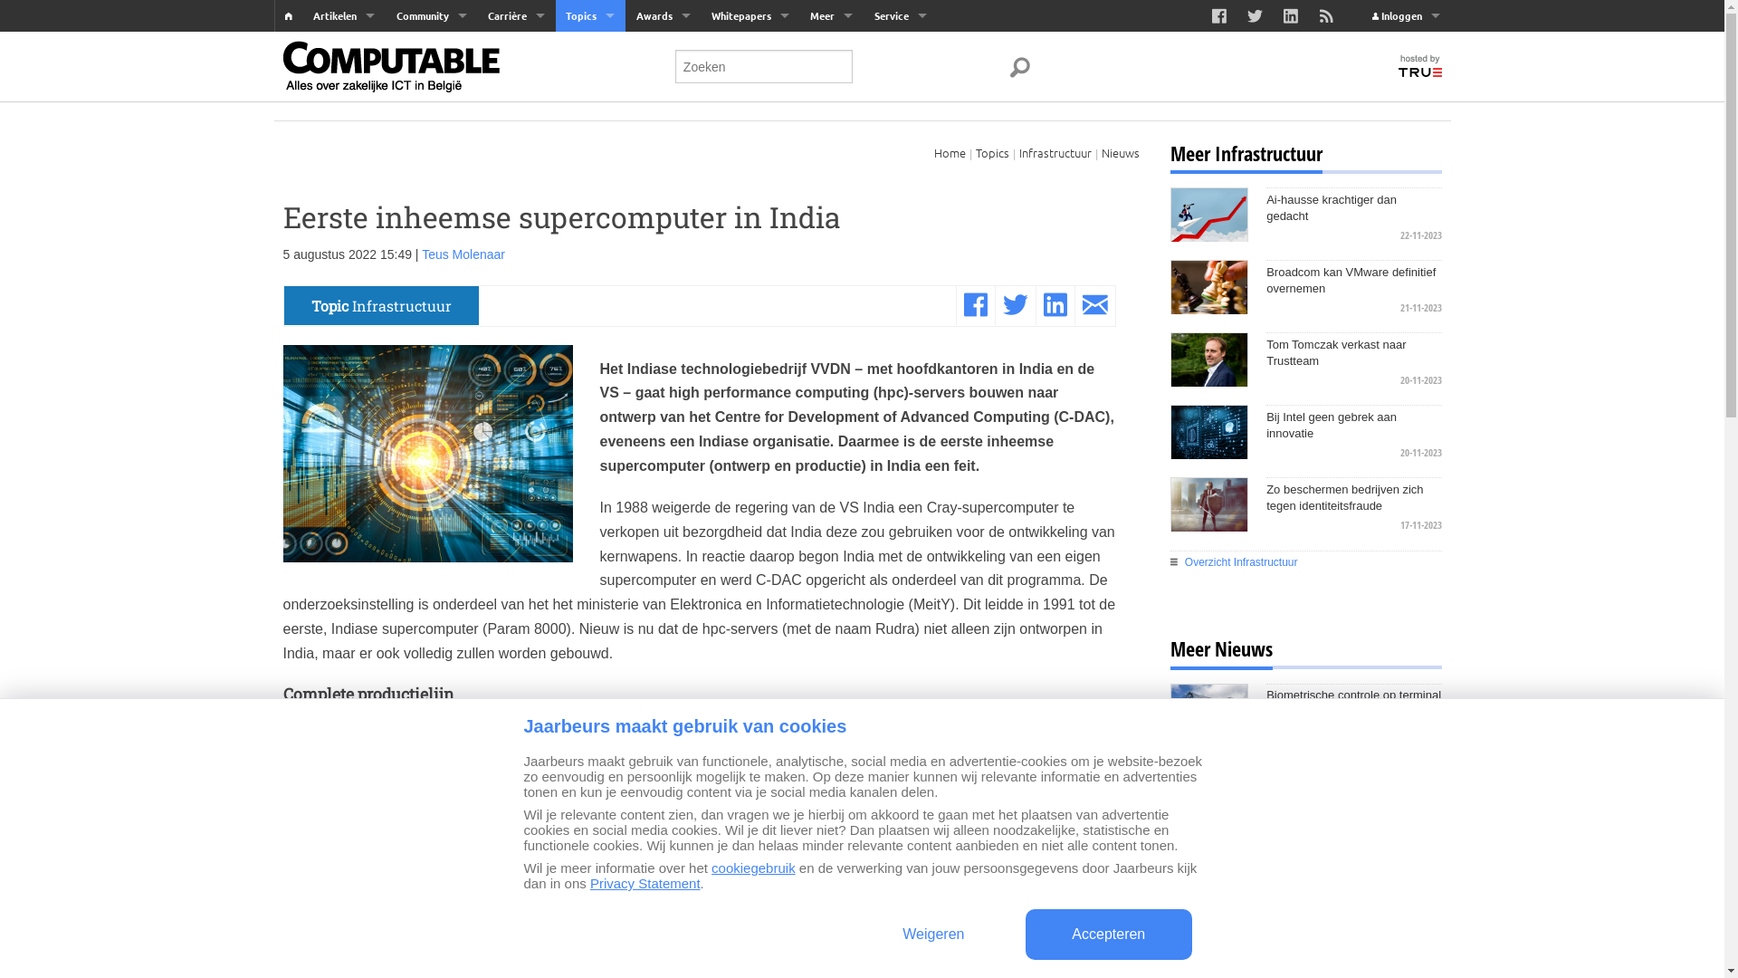  I want to click on 'Service', so click(900, 15).